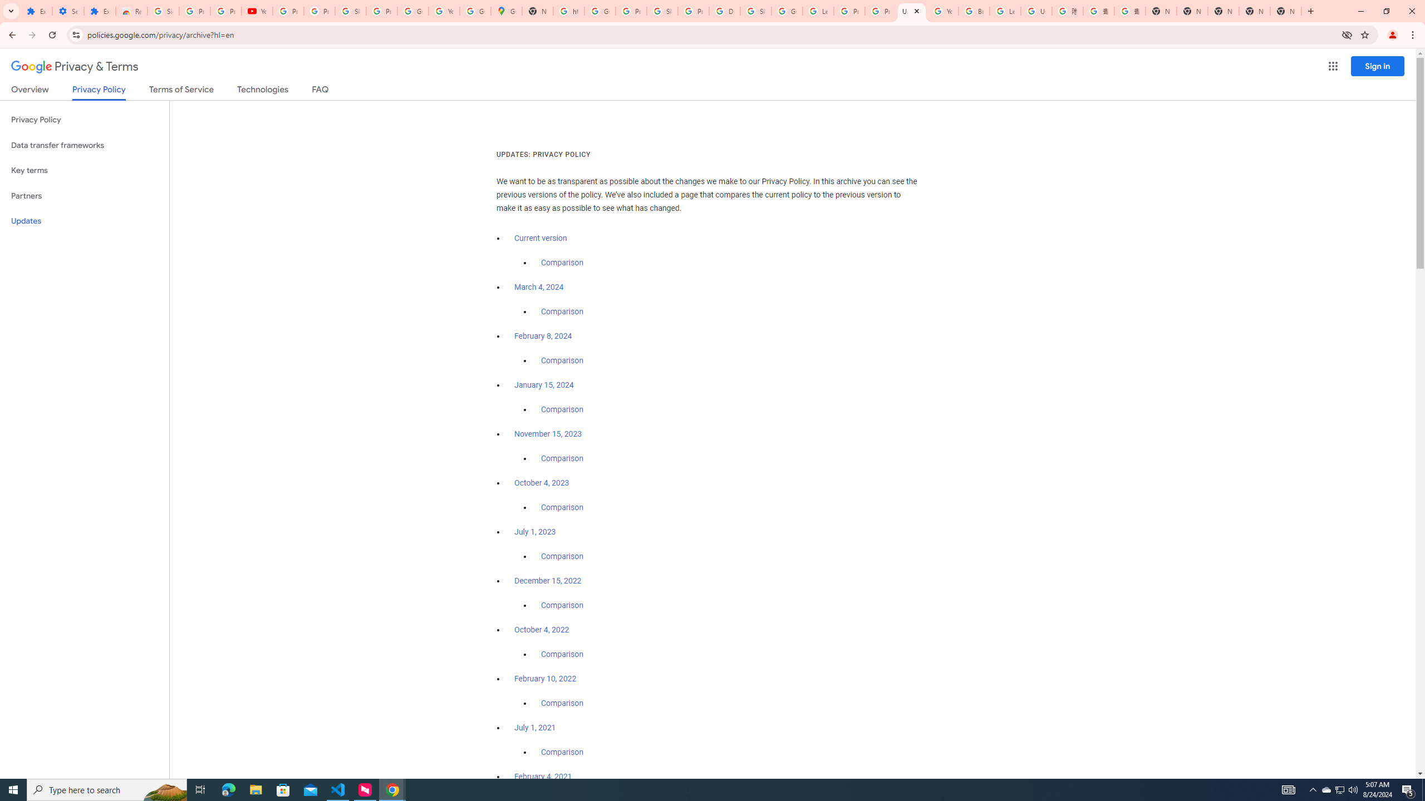 The width and height of the screenshot is (1425, 801). I want to click on 'Current version', so click(540, 238).